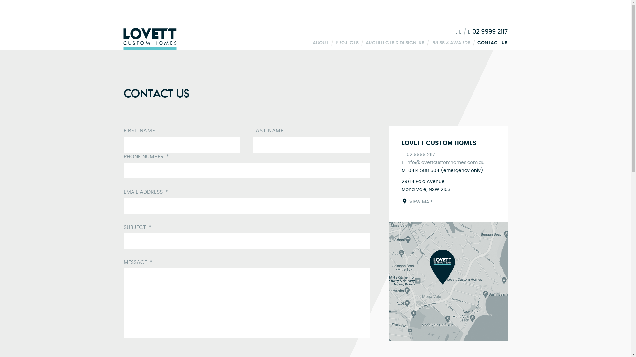 The width and height of the screenshot is (636, 357). What do you see at coordinates (406, 154) in the screenshot?
I see `'02 9999 2117'` at bounding box center [406, 154].